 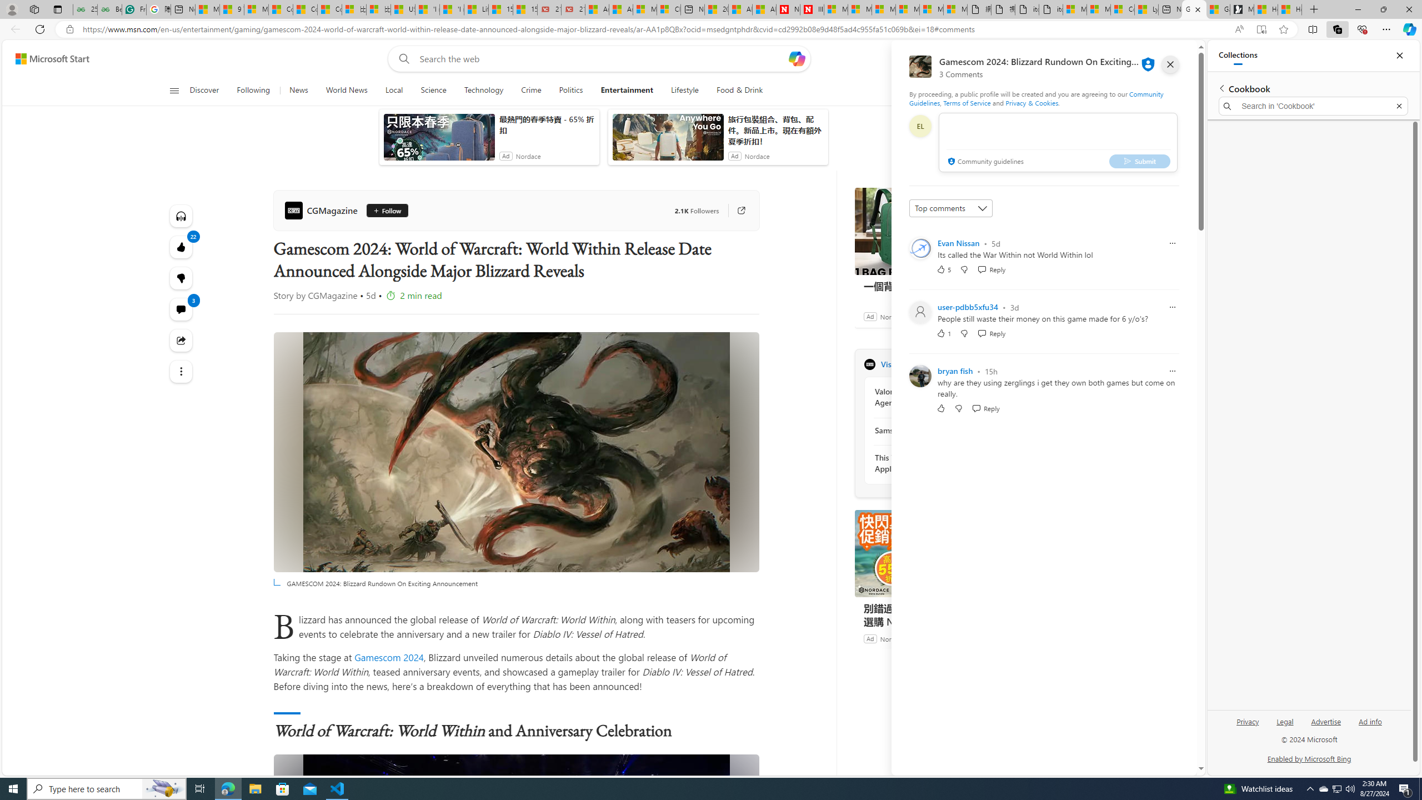 I want to click on 'Technology', so click(x=484, y=90).